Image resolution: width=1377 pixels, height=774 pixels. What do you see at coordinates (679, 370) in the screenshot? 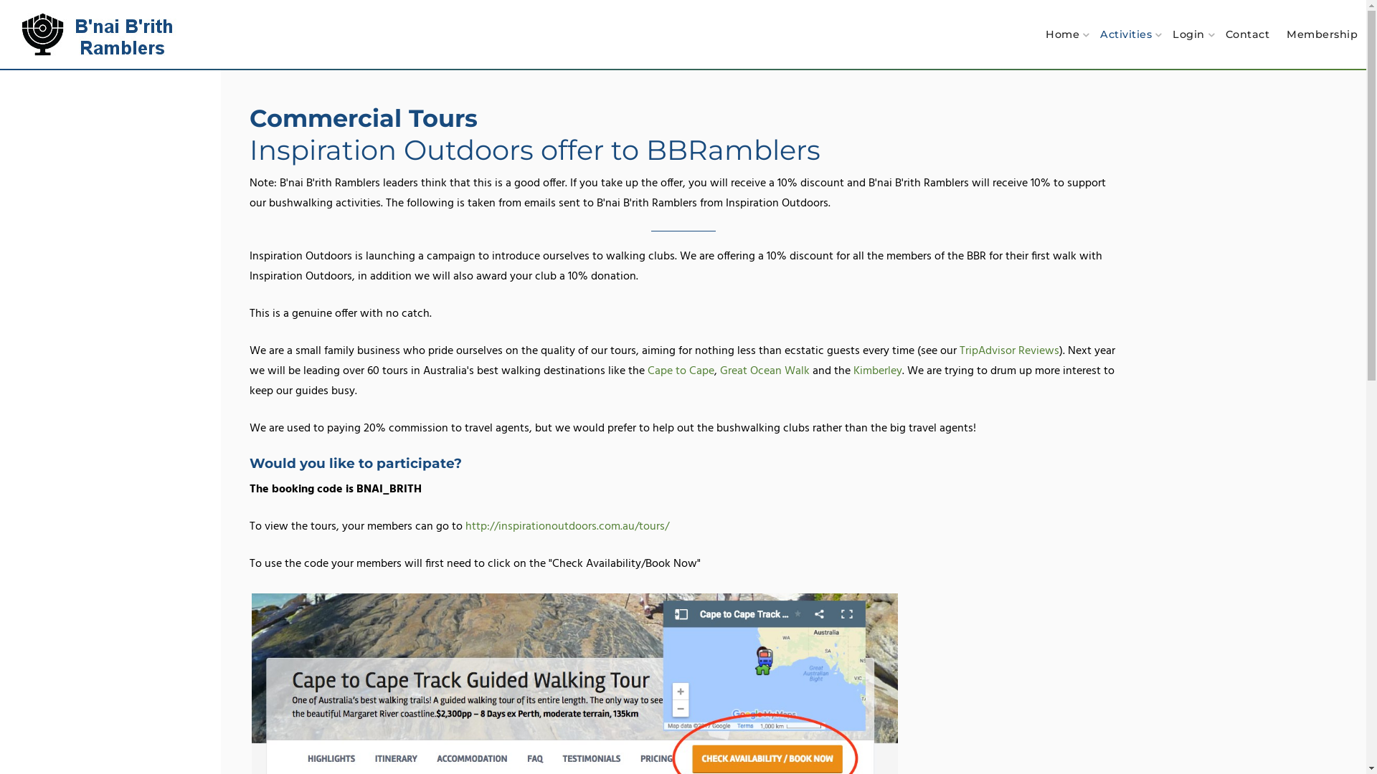
I see `'Cape to Cape'` at bounding box center [679, 370].